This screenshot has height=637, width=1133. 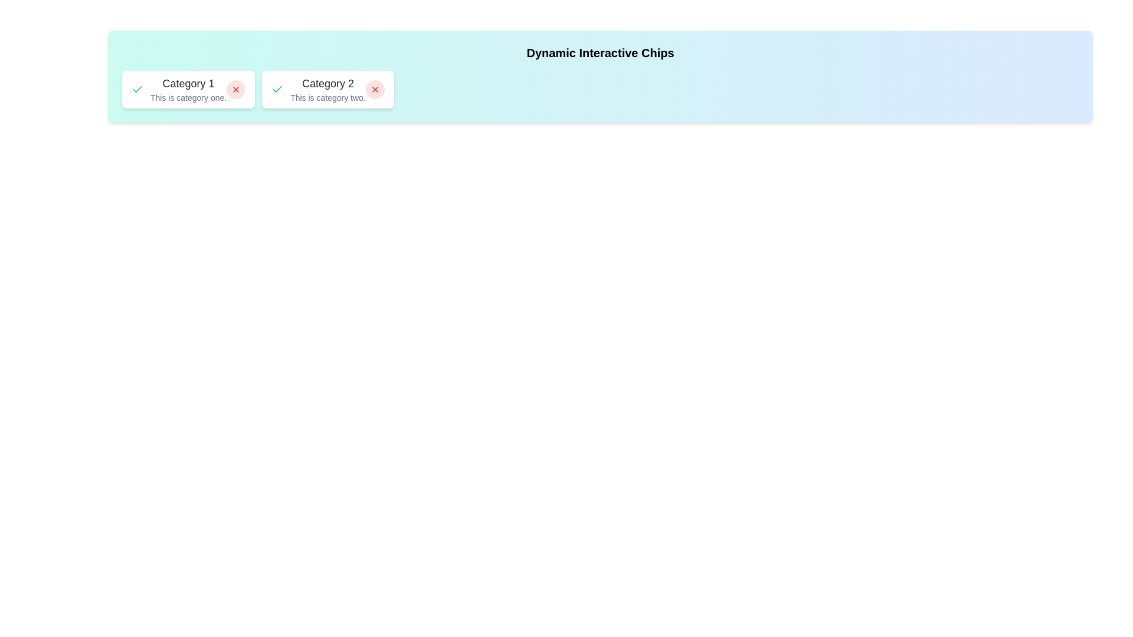 What do you see at coordinates (188, 88) in the screenshot?
I see `the label and description of a chip identified by Category 1` at bounding box center [188, 88].